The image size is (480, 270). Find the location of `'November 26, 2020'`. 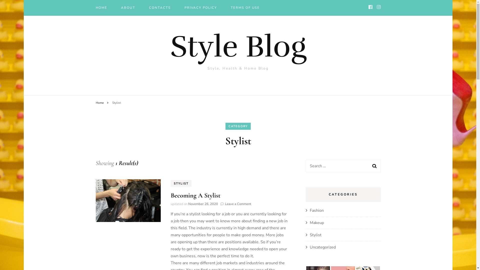

'November 26, 2020' is located at coordinates (188, 204).